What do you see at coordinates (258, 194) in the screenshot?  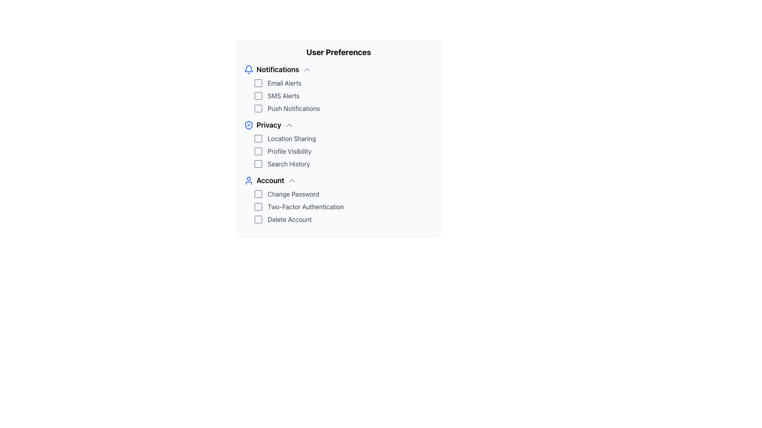 I see `the selectable checkbox for the 'Change Password' option in the 'Account' section` at bounding box center [258, 194].